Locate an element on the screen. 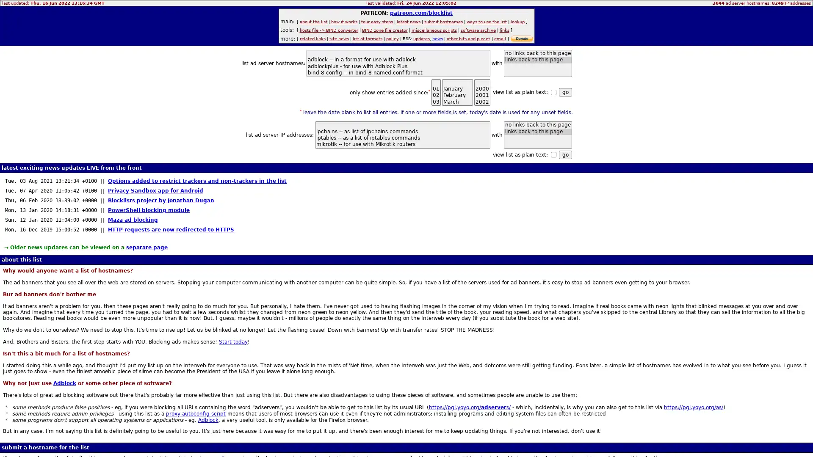 The height and width of the screenshot is (457, 813). donate via PayPal is located at coordinates (521, 39).